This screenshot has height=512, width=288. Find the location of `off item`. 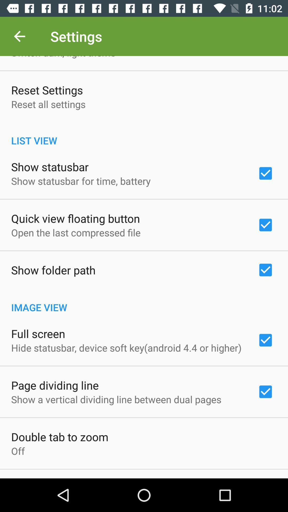

off item is located at coordinates (18, 451).